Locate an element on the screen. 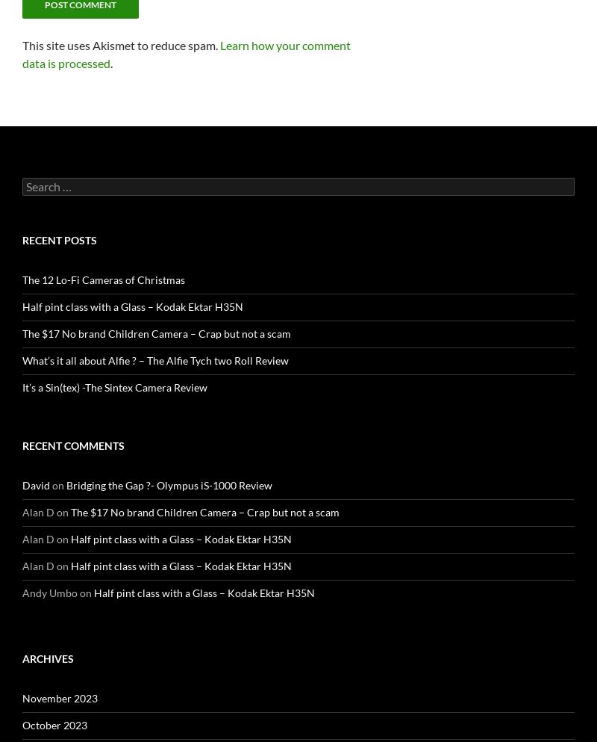 The height and width of the screenshot is (742, 597). 'Andy Umbo' is located at coordinates (22, 591).